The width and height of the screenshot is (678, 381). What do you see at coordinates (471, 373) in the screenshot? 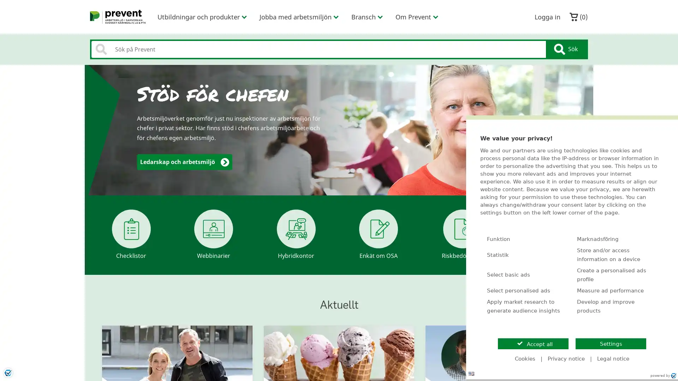
I see `Language: en` at bounding box center [471, 373].